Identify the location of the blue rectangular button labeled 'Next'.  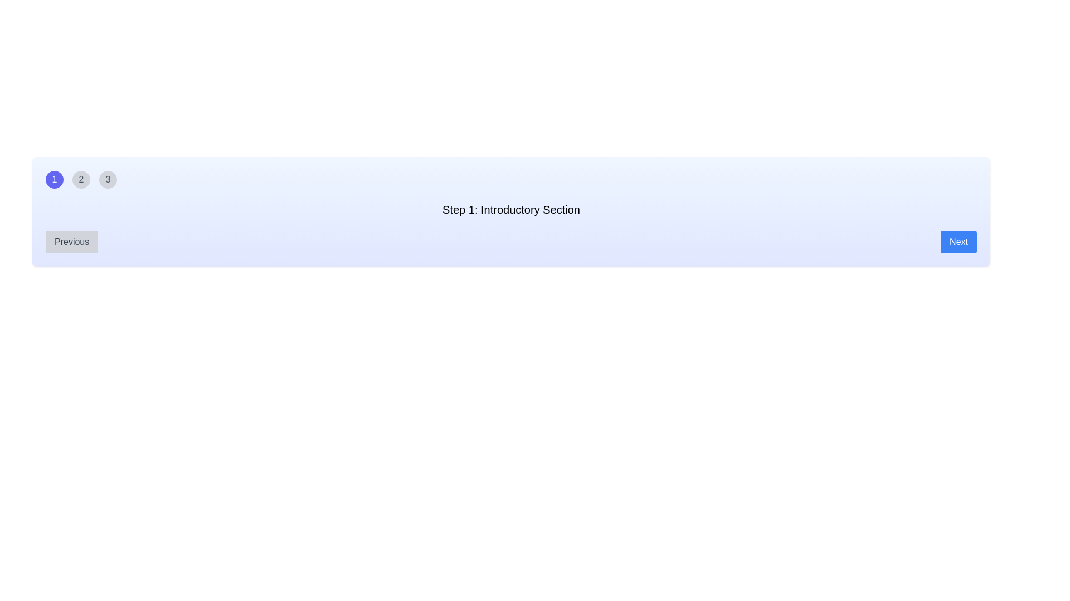
(958, 242).